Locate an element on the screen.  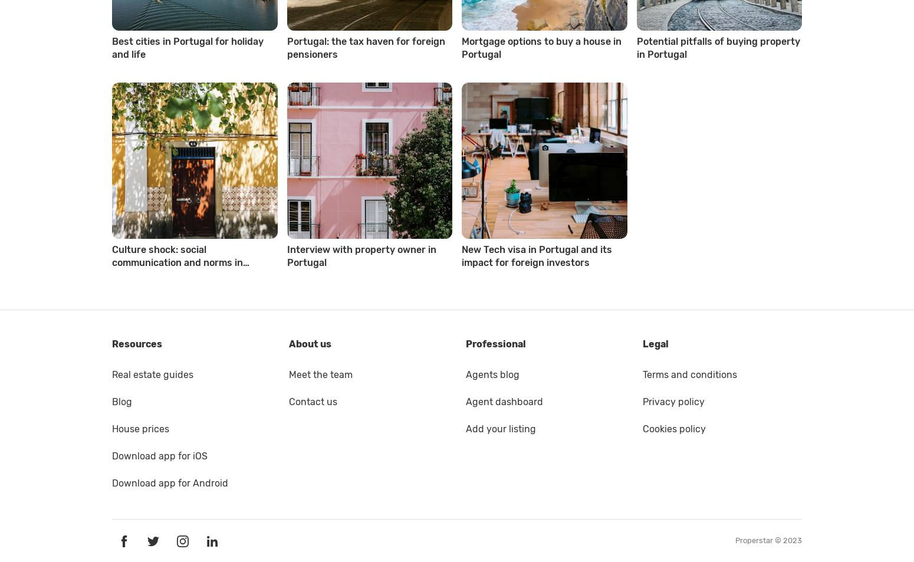
'House prices' is located at coordinates (140, 428).